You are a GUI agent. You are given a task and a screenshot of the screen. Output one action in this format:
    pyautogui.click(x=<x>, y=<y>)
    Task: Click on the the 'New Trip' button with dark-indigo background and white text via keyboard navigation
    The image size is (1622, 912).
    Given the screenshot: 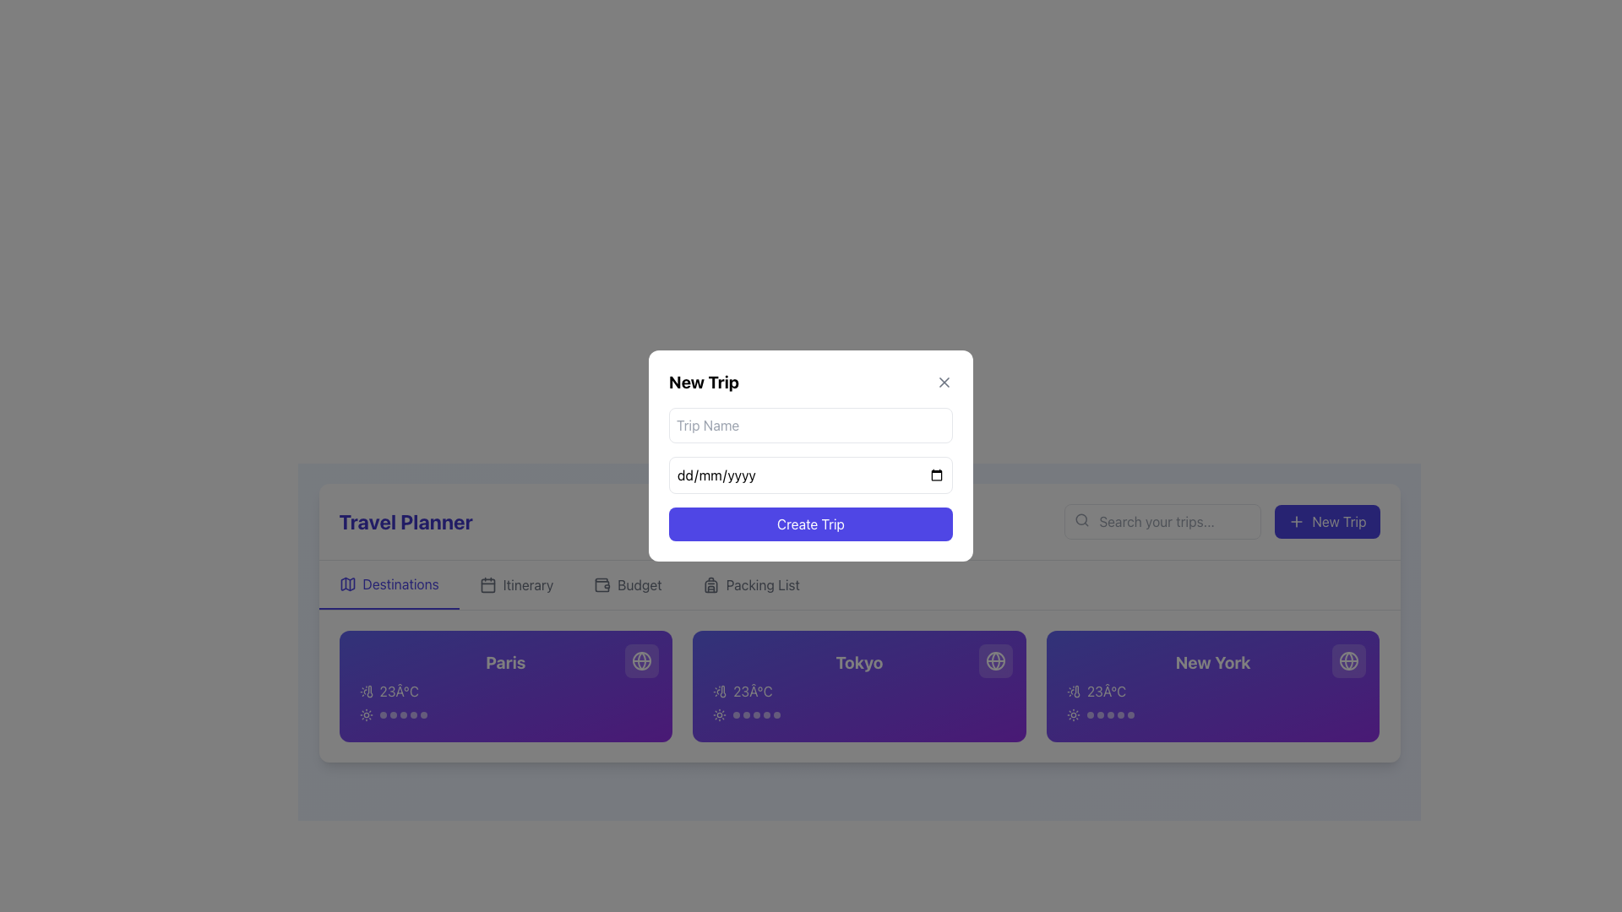 What is the action you would take?
    pyautogui.click(x=1326, y=520)
    